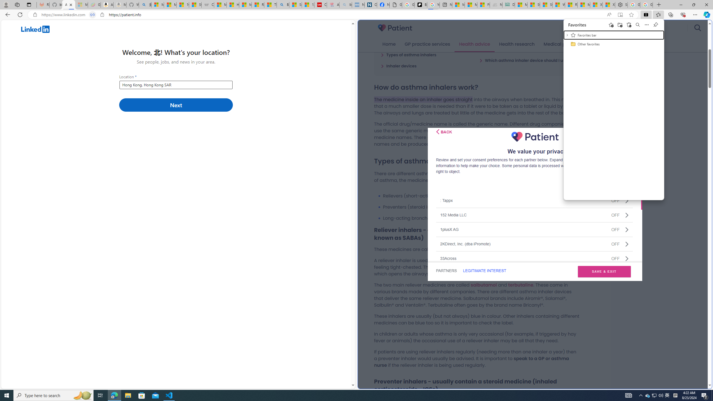  Describe the element at coordinates (484, 271) in the screenshot. I see `'LEGITIMATE INTEREST'` at that location.